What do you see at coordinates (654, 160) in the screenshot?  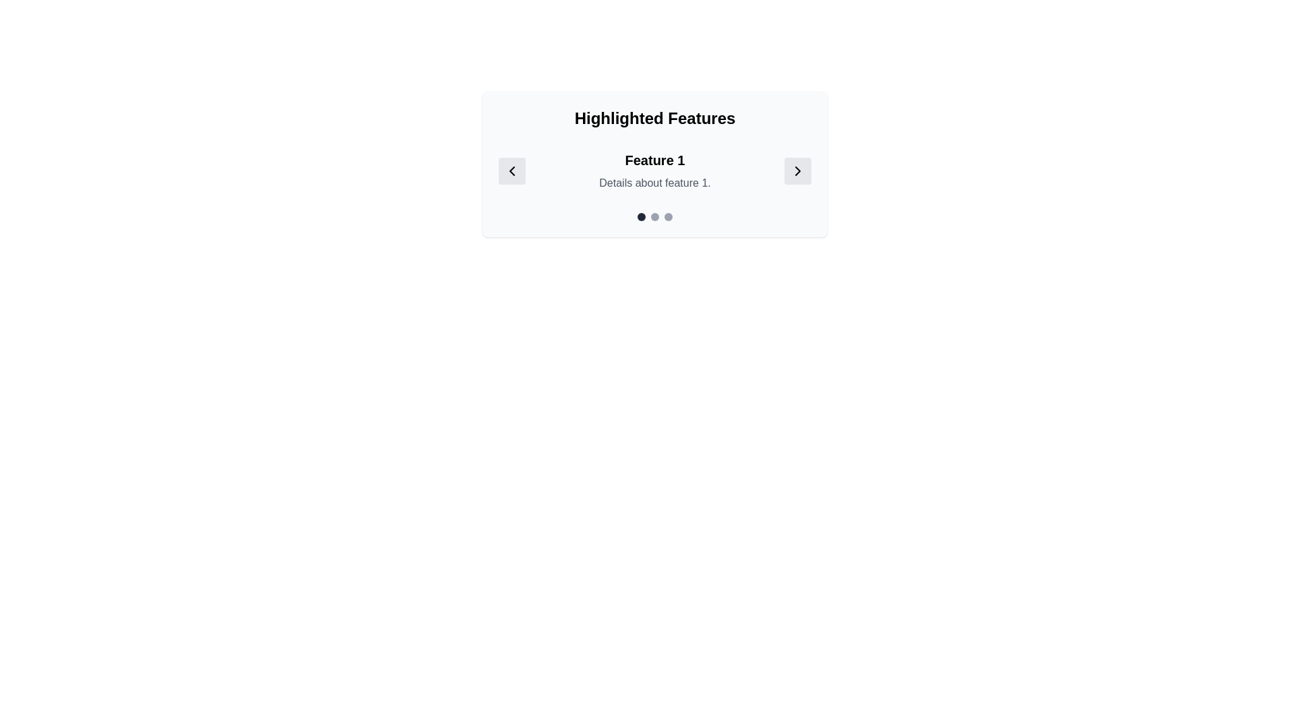 I see `the Header text element that serves as a title for the corresponding feature, positioned below 'Highlighted Features' and above 'Details about feature 1.'` at bounding box center [654, 160].